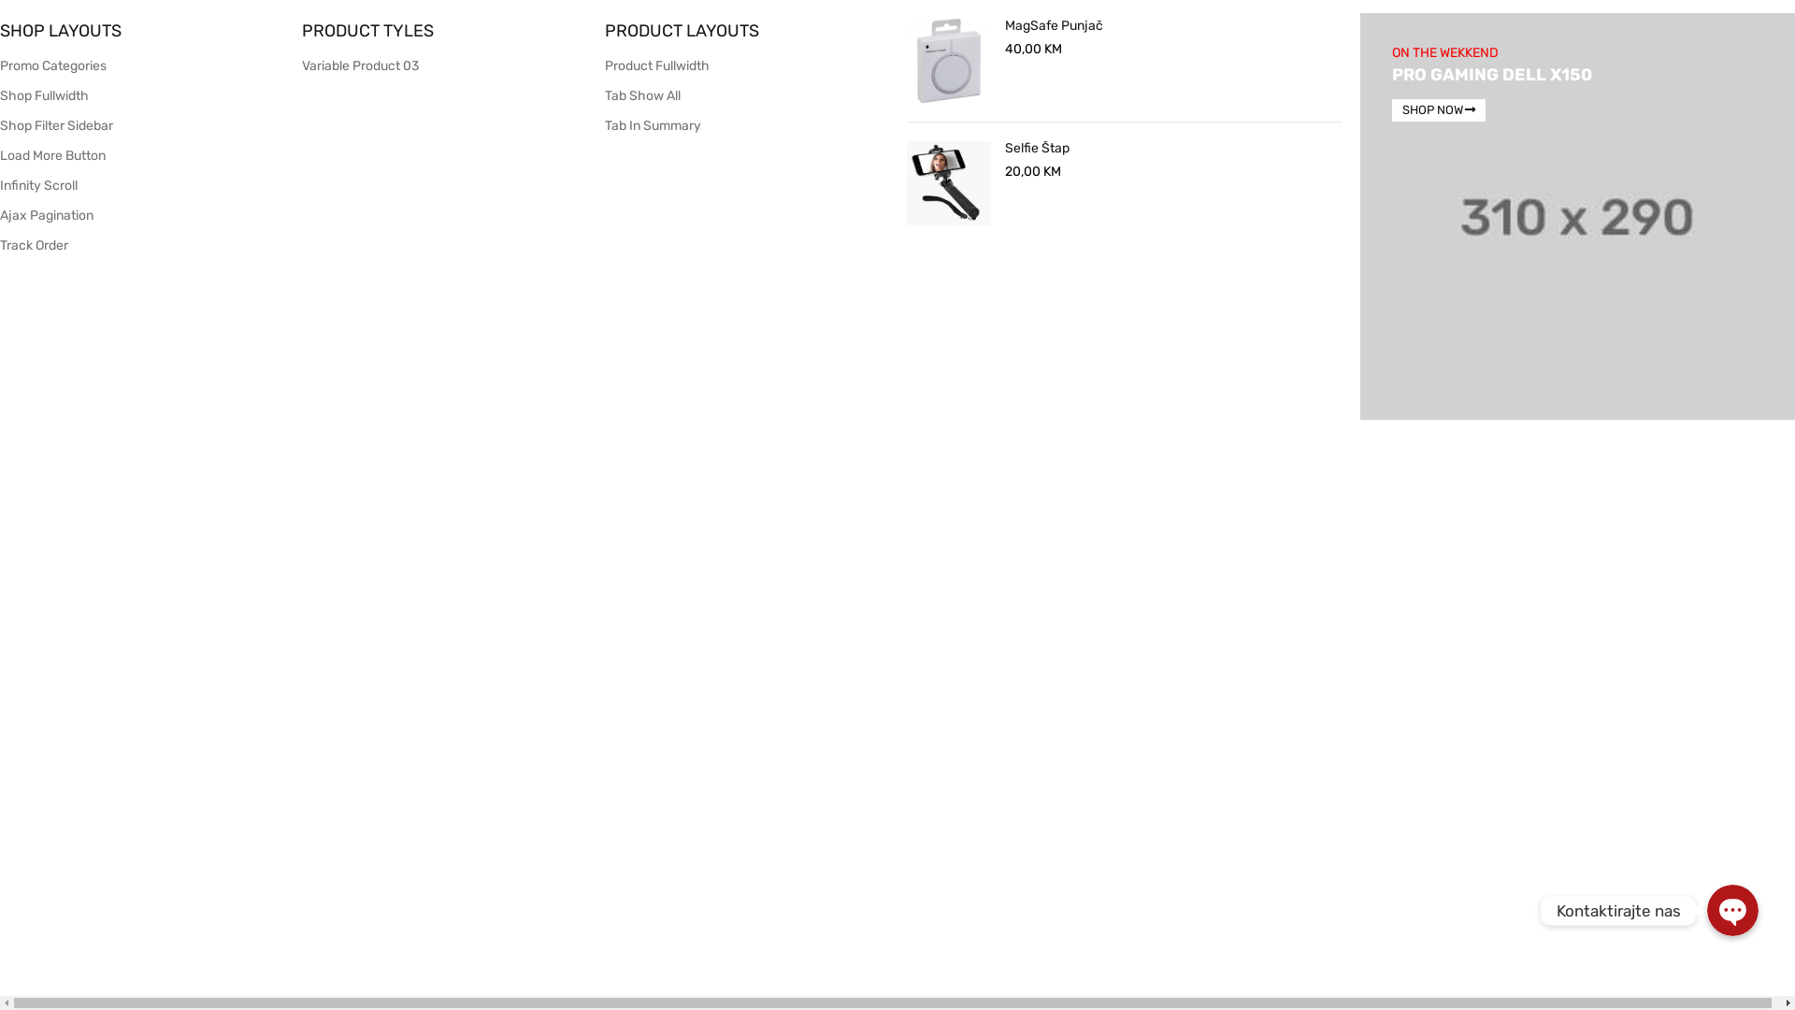  Describe the element at coordinates (653, 125) in the screenshot. I see `'Tab In Summary'` at that location.